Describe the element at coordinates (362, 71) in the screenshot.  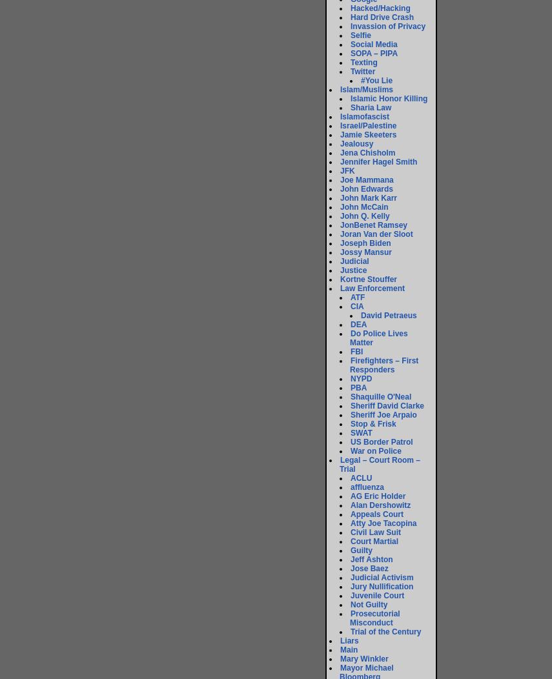
I see `'Twitter'` at that location.